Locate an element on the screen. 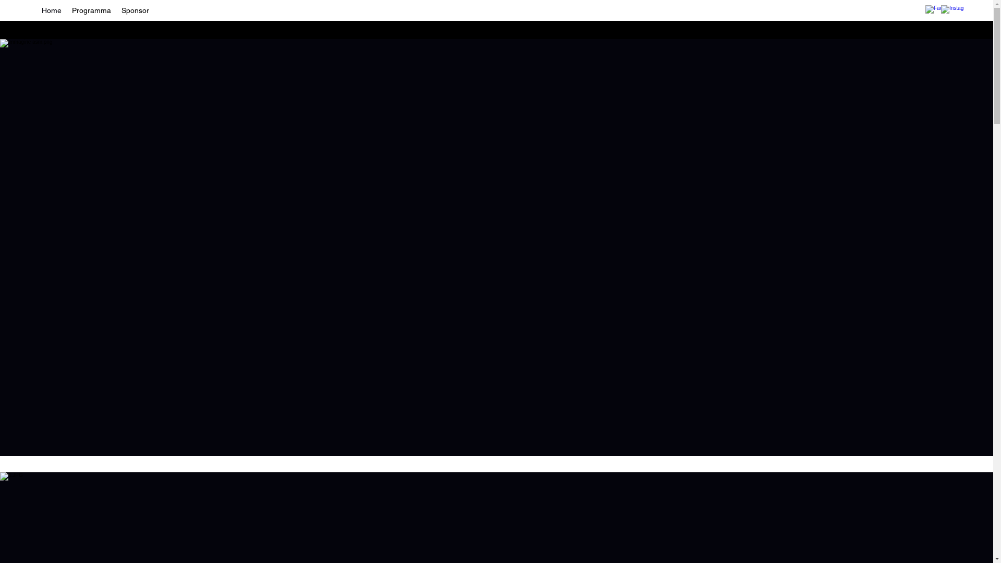  'Sponsor' is located at coordinates (135, 10).